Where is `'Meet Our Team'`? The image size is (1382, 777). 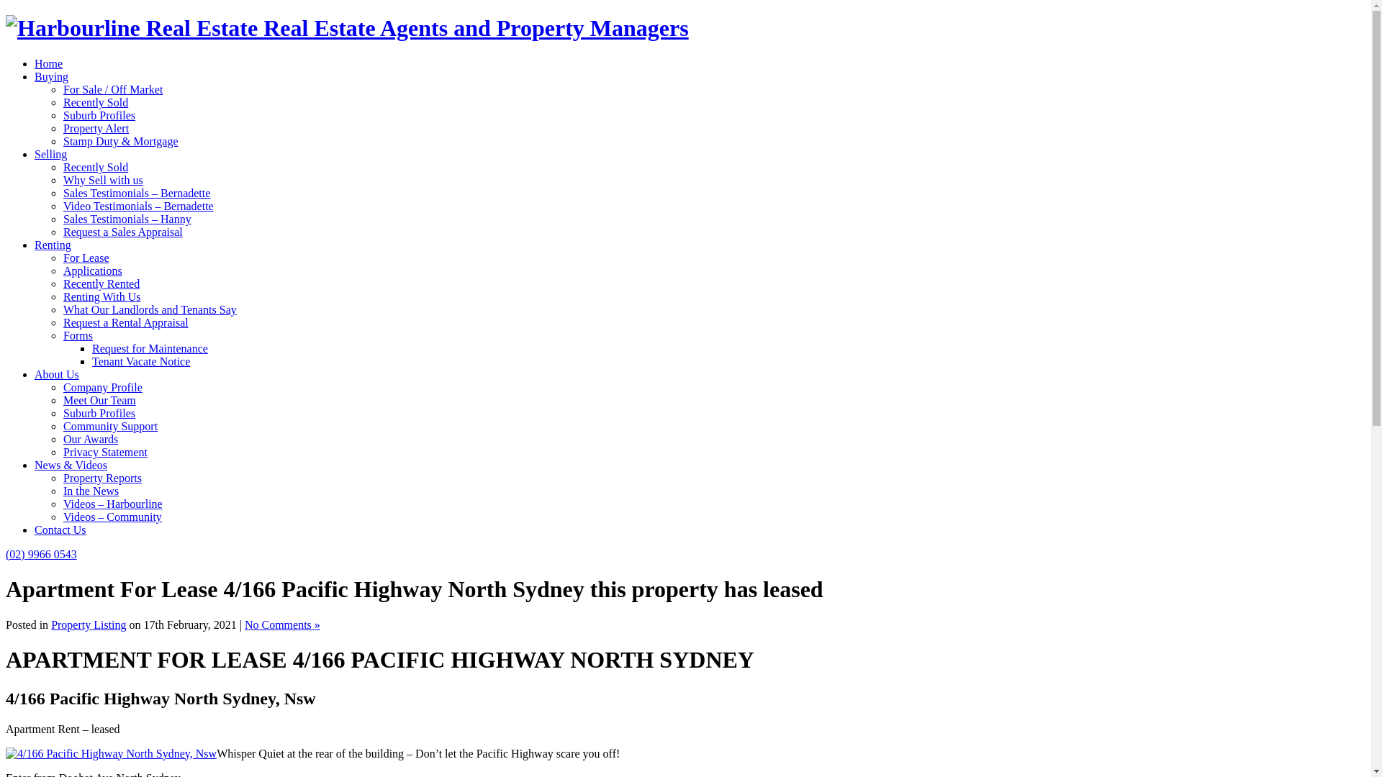 'Meet Our Team' is located at coordinates (99, 400).